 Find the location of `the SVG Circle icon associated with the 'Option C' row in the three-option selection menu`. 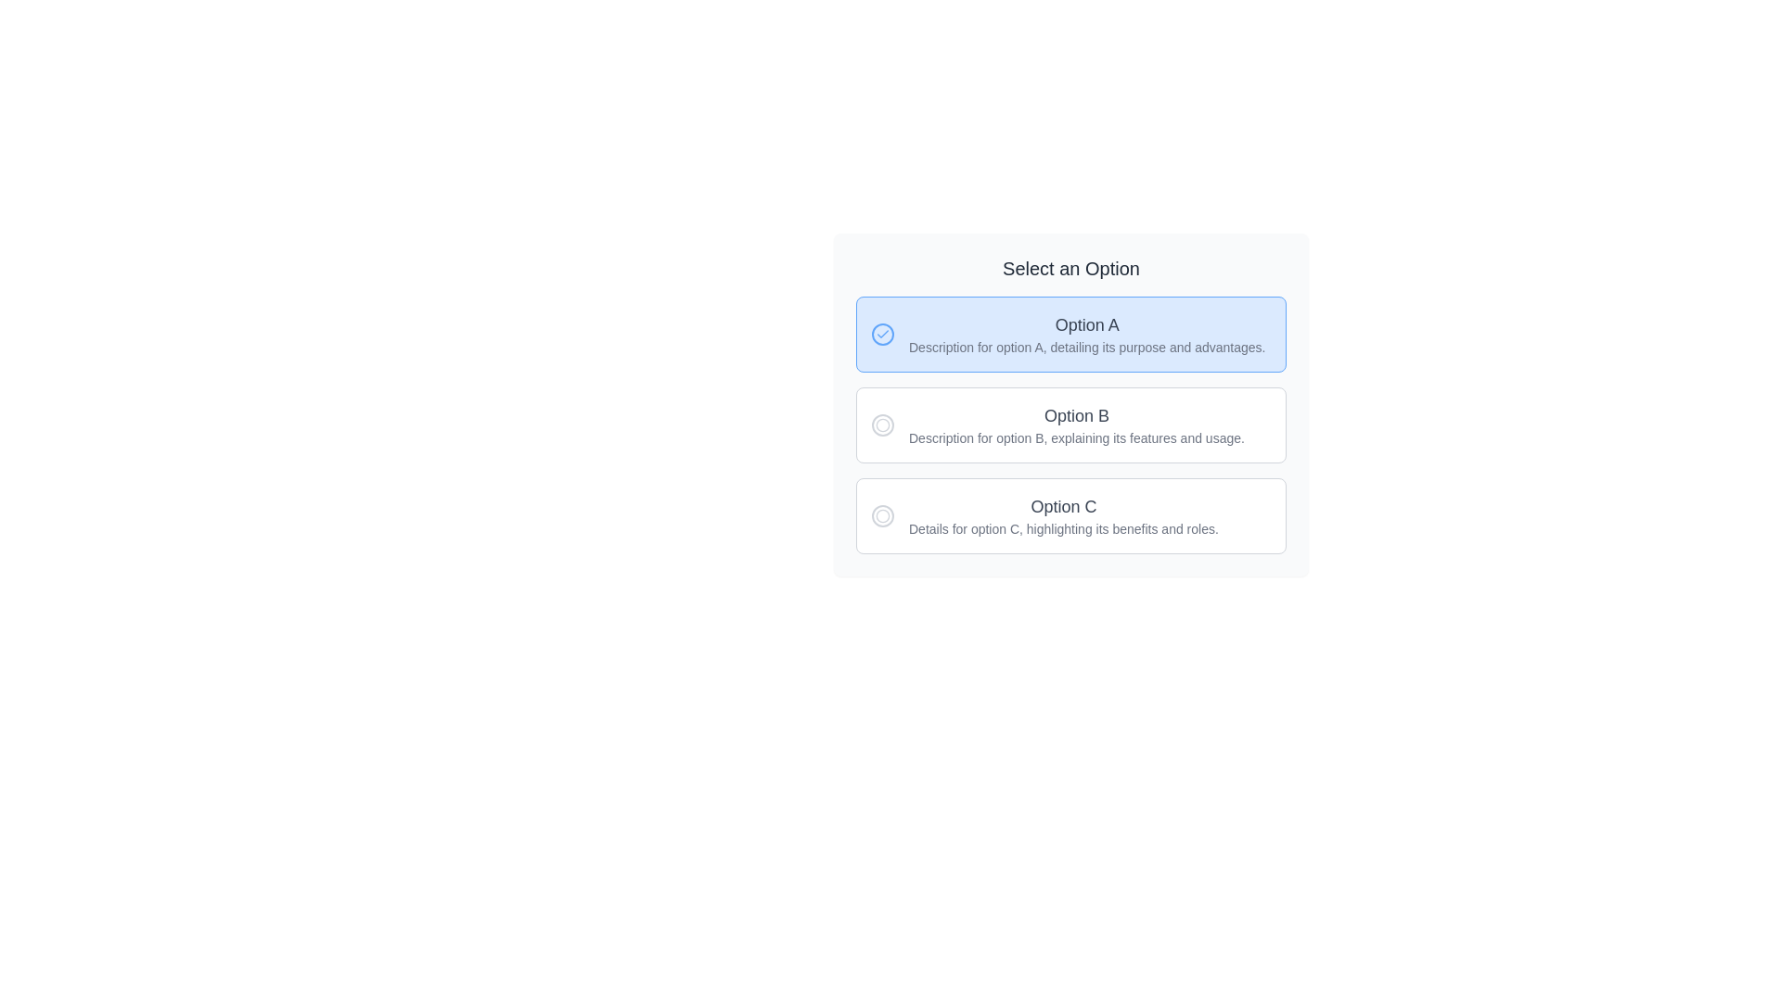

the SVG Circle icon associated with the 'Option C' row in the three-option selection menu is located at coordinates (881, 515).